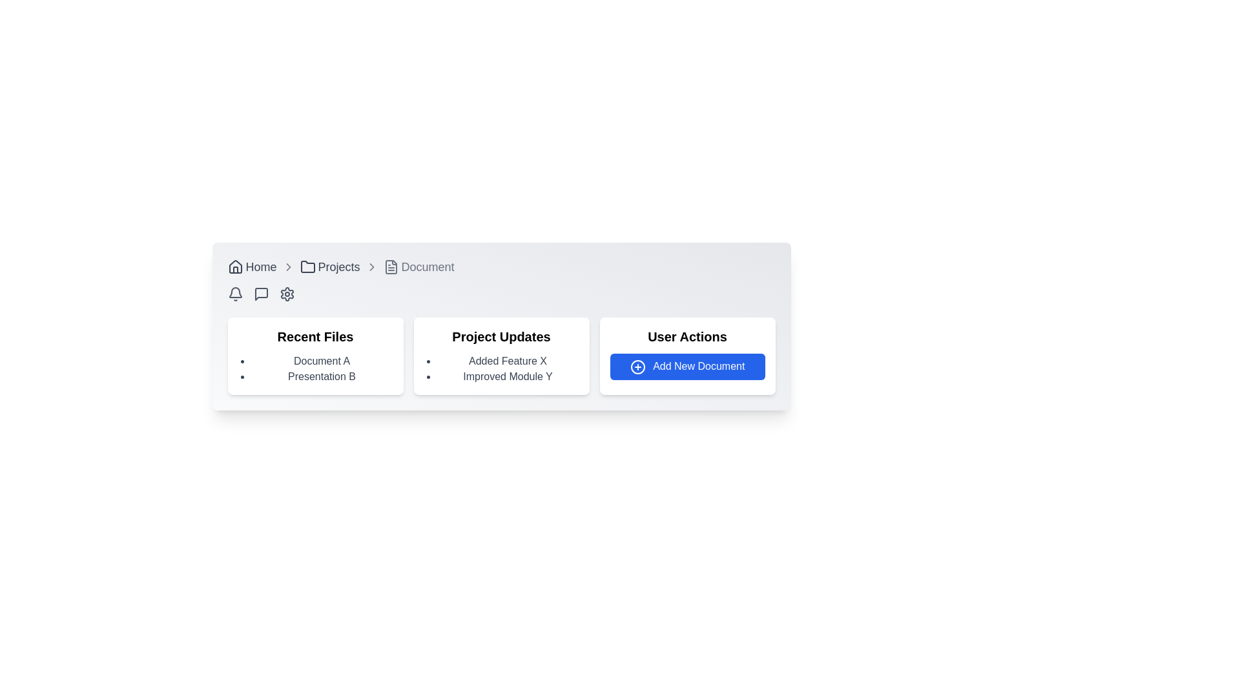  Describe the element at coordinates (390, 266) in the screenshot. I see `the rectangular document icon in the top navigation bar, which is part of a breadcrumb trail under 'Document'` at that location.